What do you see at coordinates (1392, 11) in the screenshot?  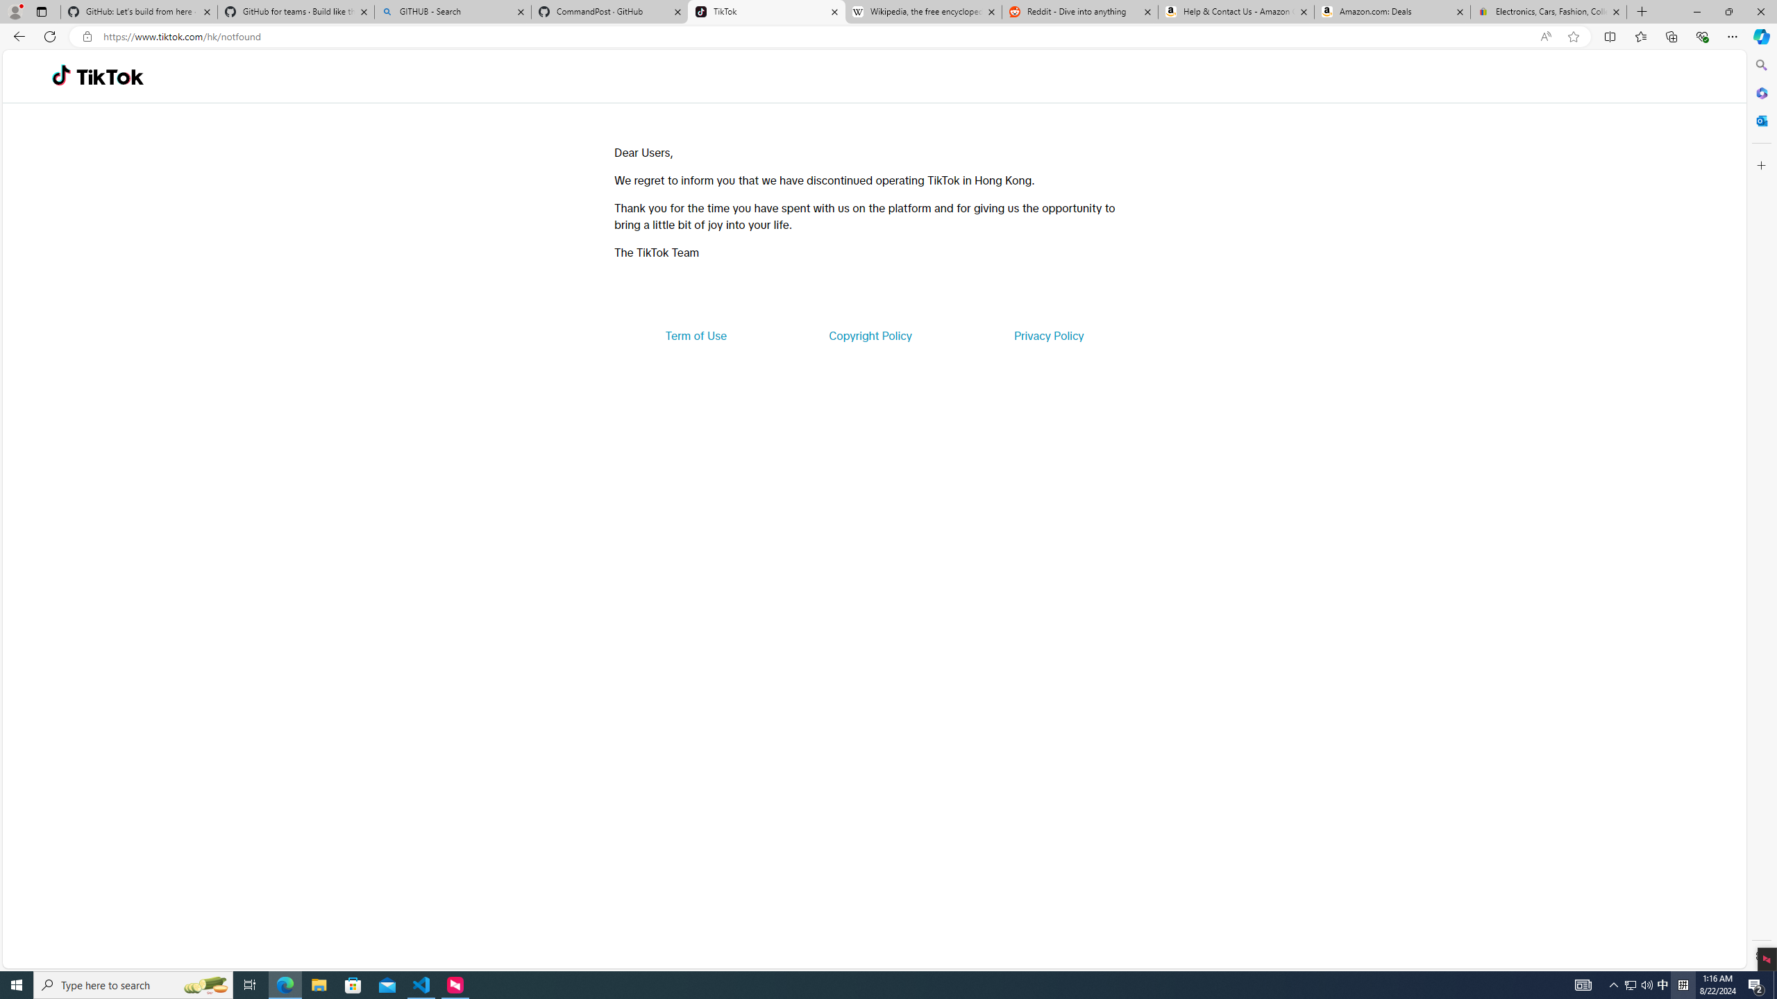 I see `'Amazon.com: Deals'` at bounding box center [1392, 11].